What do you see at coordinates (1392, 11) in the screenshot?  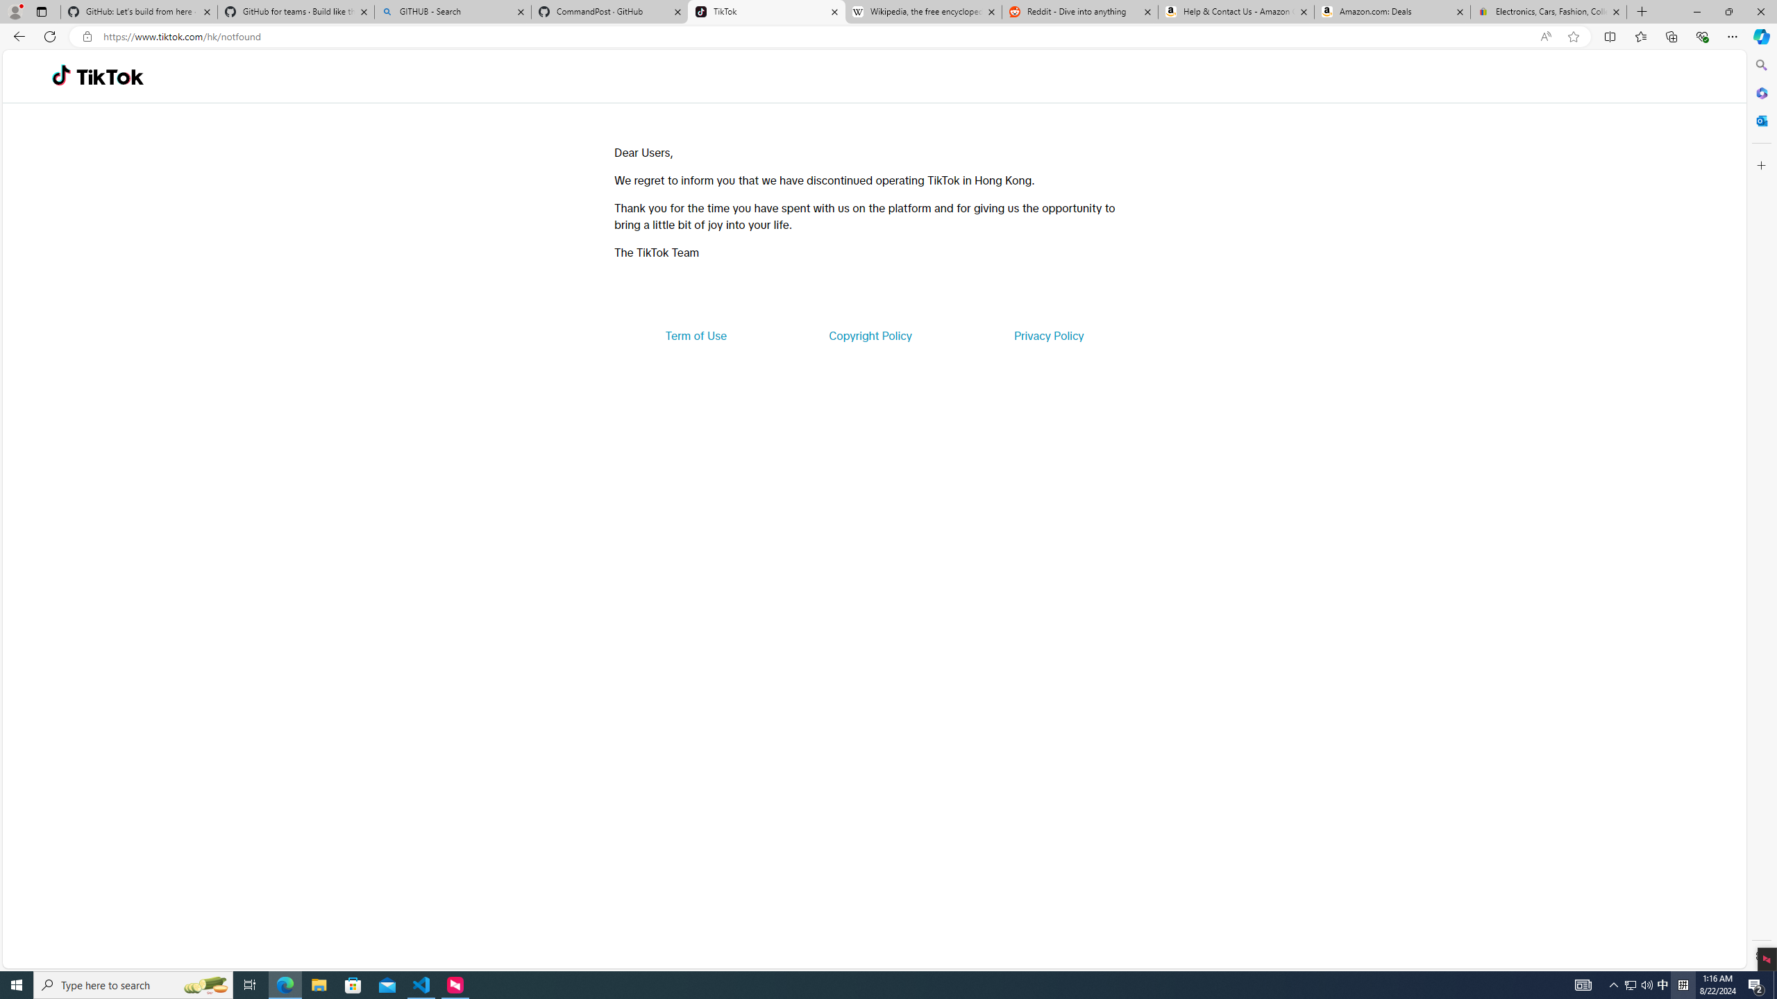 I see `'Amazon.com: Deals'` at bounding box center [1392, 11].